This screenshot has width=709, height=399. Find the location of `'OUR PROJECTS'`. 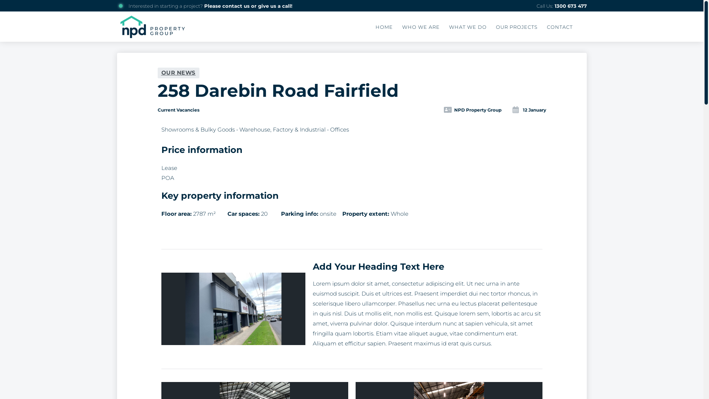

'OUR PROJECTS' is located at coordinates (516, 27).